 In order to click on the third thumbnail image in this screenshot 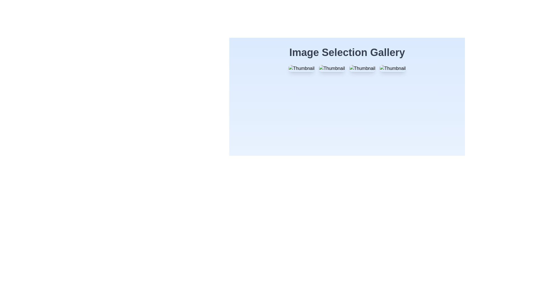, I will do `click(362, 68)`.